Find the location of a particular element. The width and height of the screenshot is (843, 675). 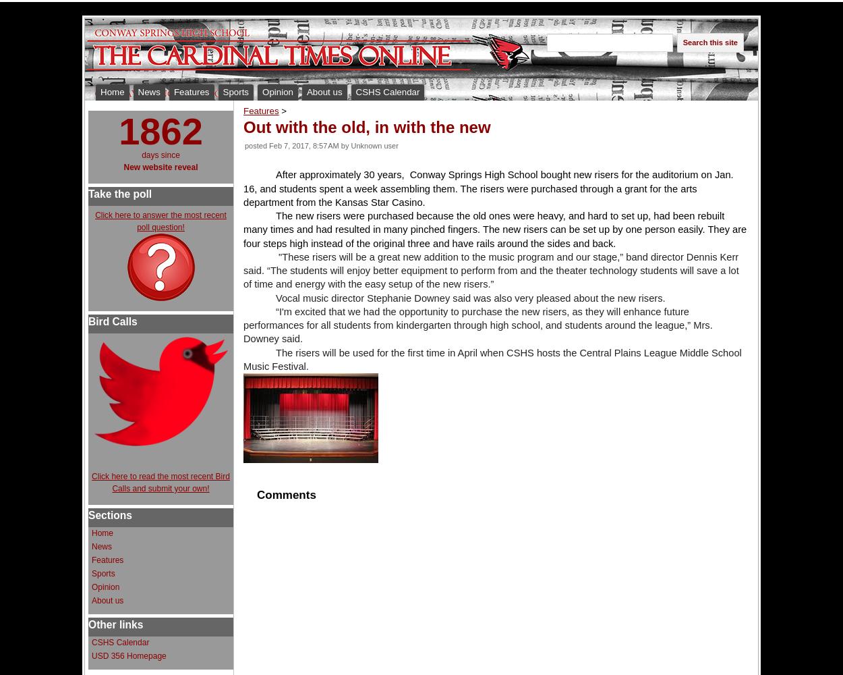

'Bird Calls' is located at coordinates (113, 320).